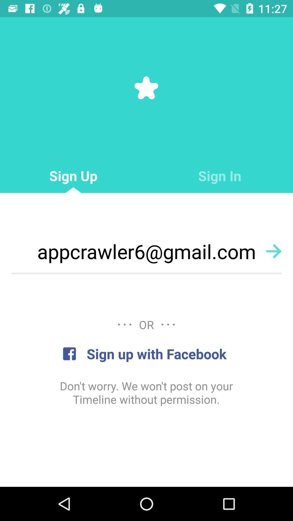  What do you see at coordinates (146, 251) in the screenshot?
I see `appcrawler6@gmail.com item` at bounding box center [146, 251].